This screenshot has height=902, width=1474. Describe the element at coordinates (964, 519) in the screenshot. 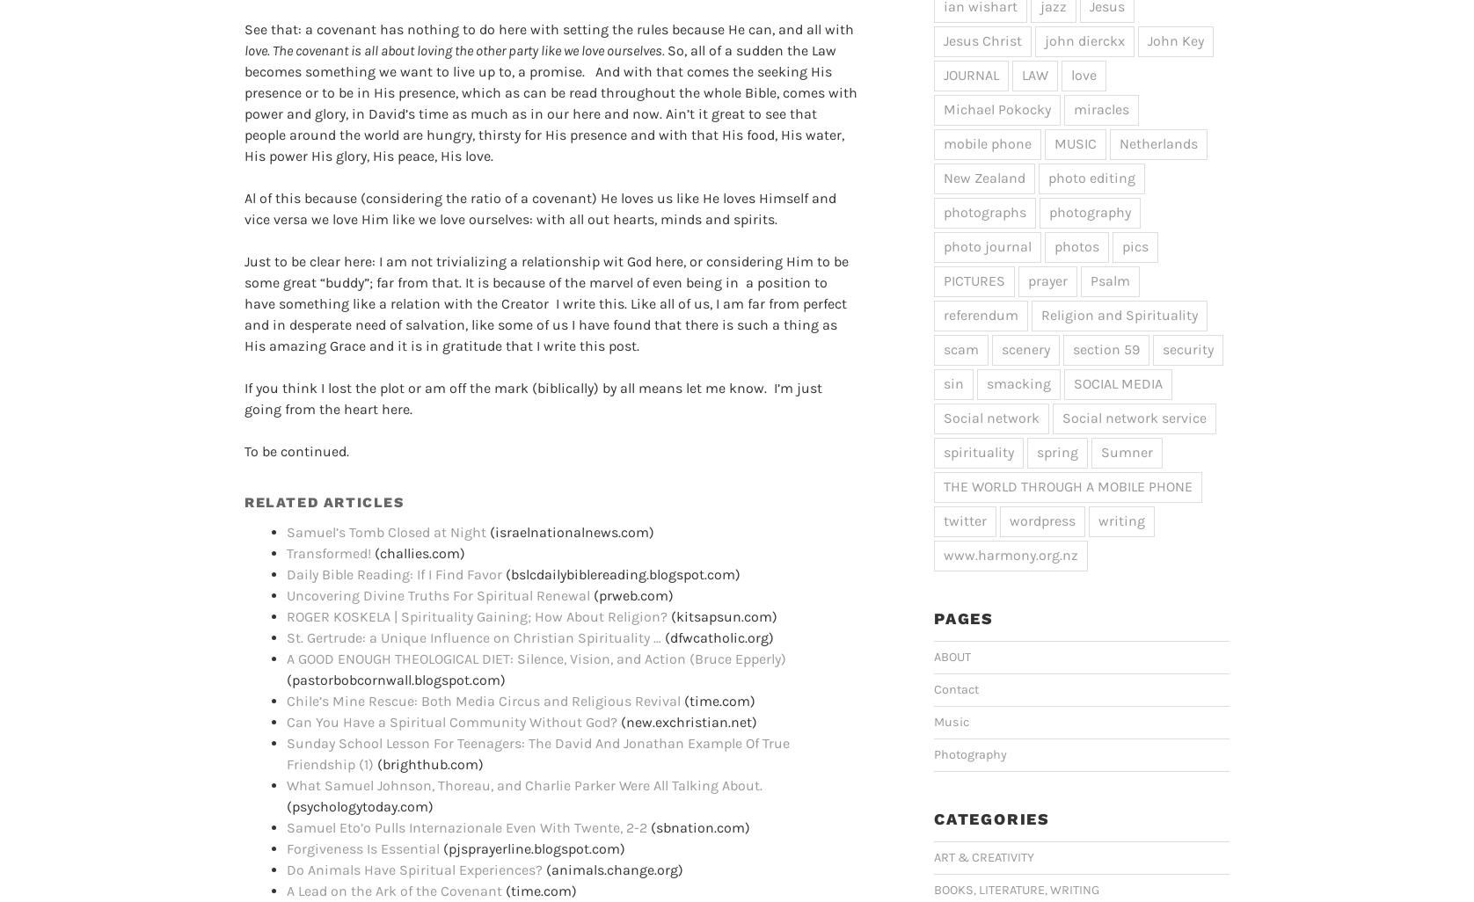

I see `'twitter'` at that location.